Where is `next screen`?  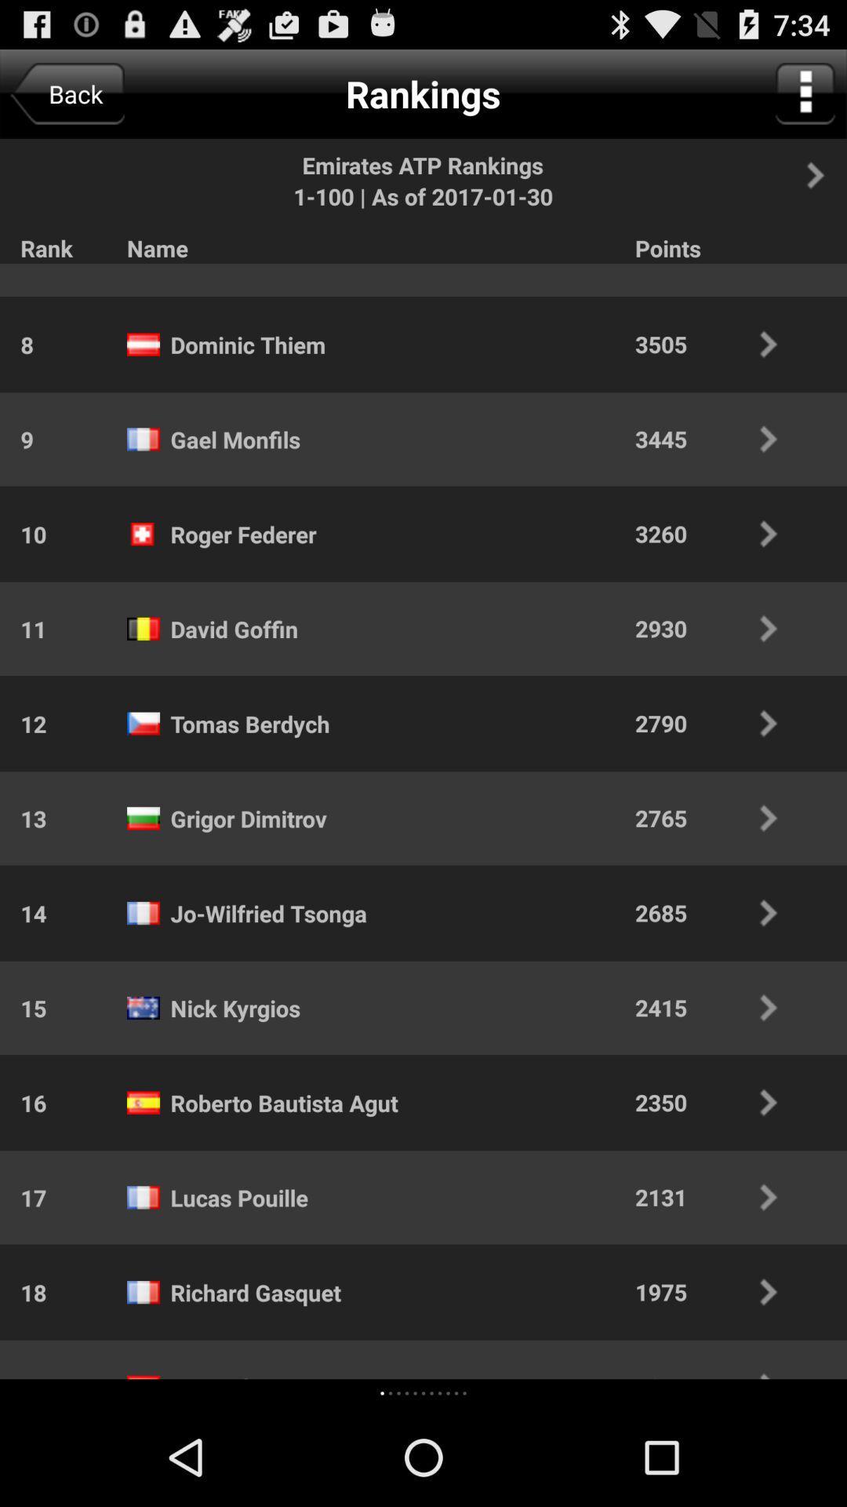 next screen is located at coordinates (823, 175).